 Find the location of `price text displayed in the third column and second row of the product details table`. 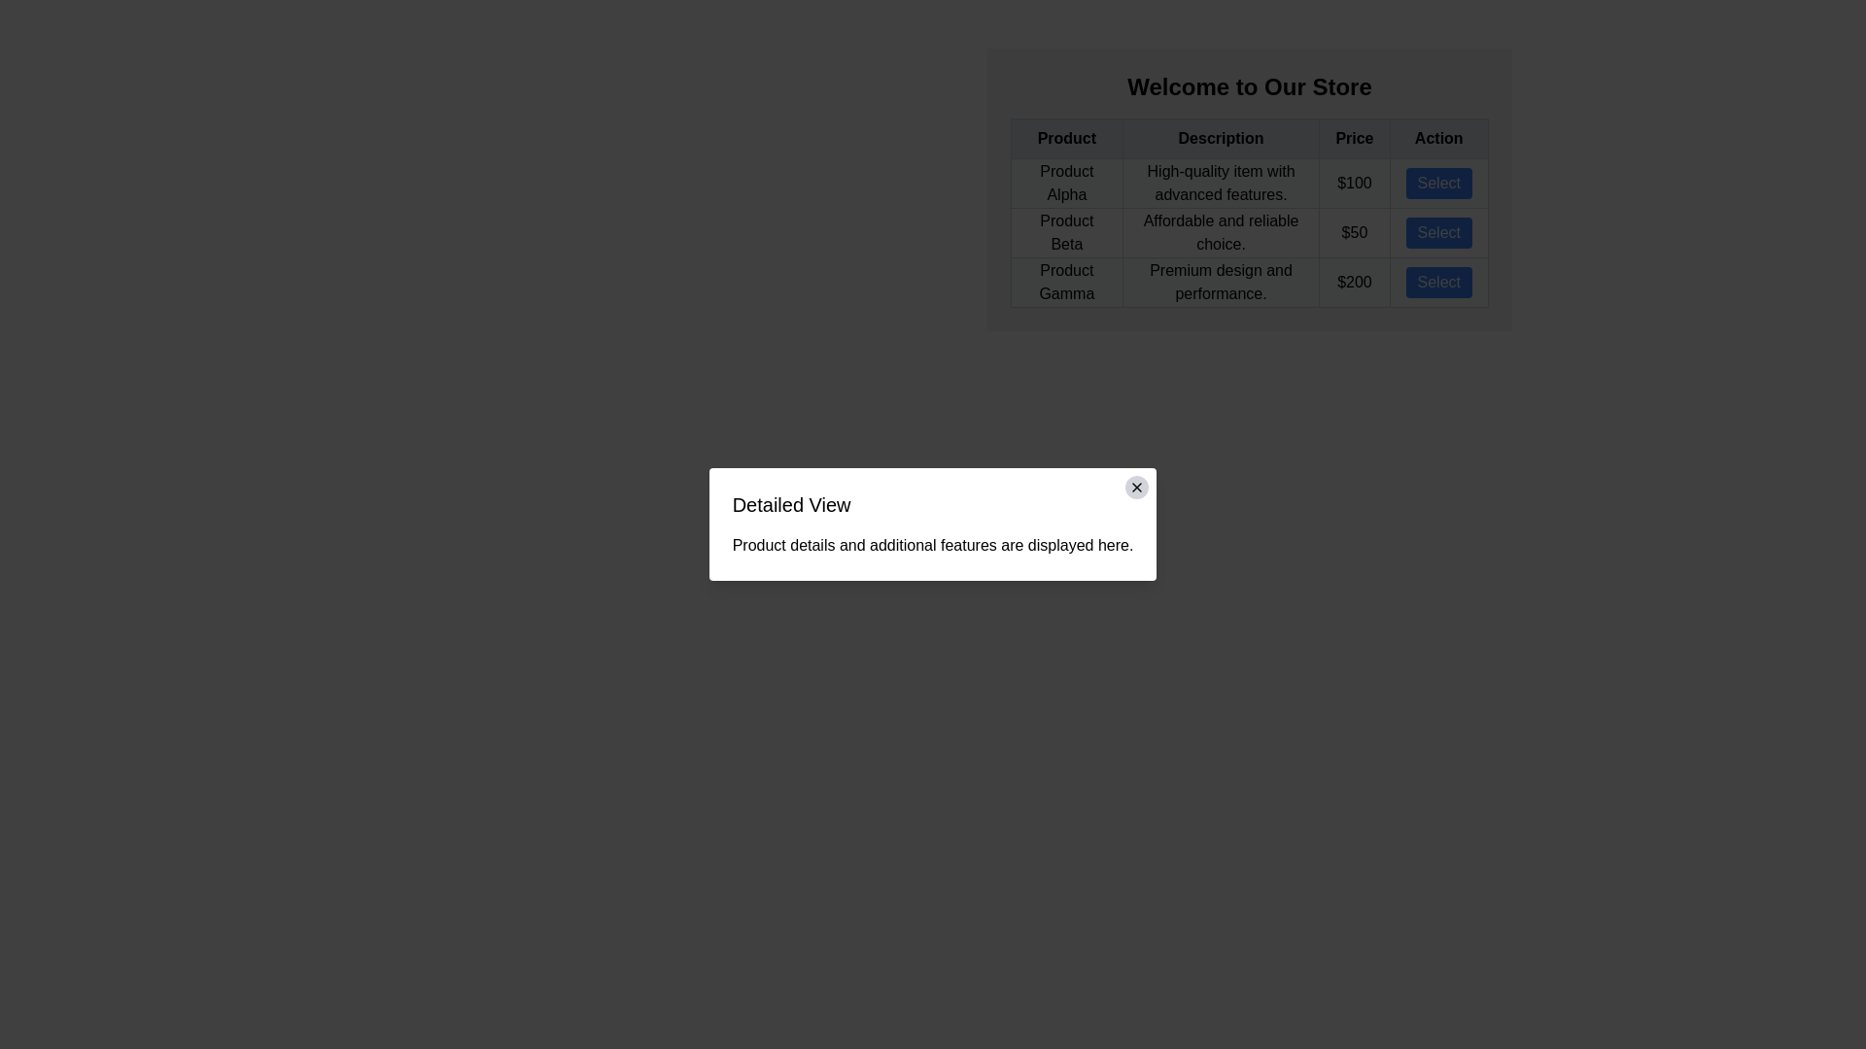

price text displayed in the third column and second row of the product details table is located at coordinates (1353, 231).